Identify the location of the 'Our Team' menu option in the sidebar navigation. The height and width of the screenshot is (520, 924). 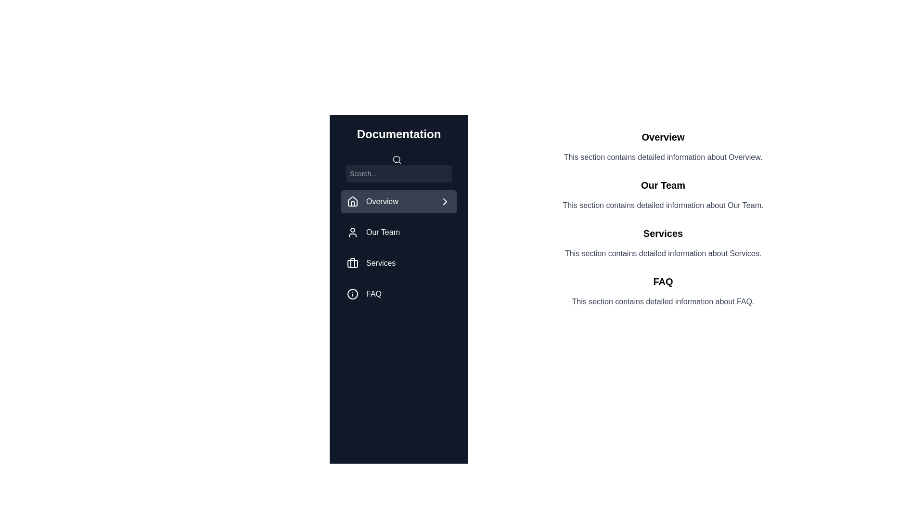
(399, 230).